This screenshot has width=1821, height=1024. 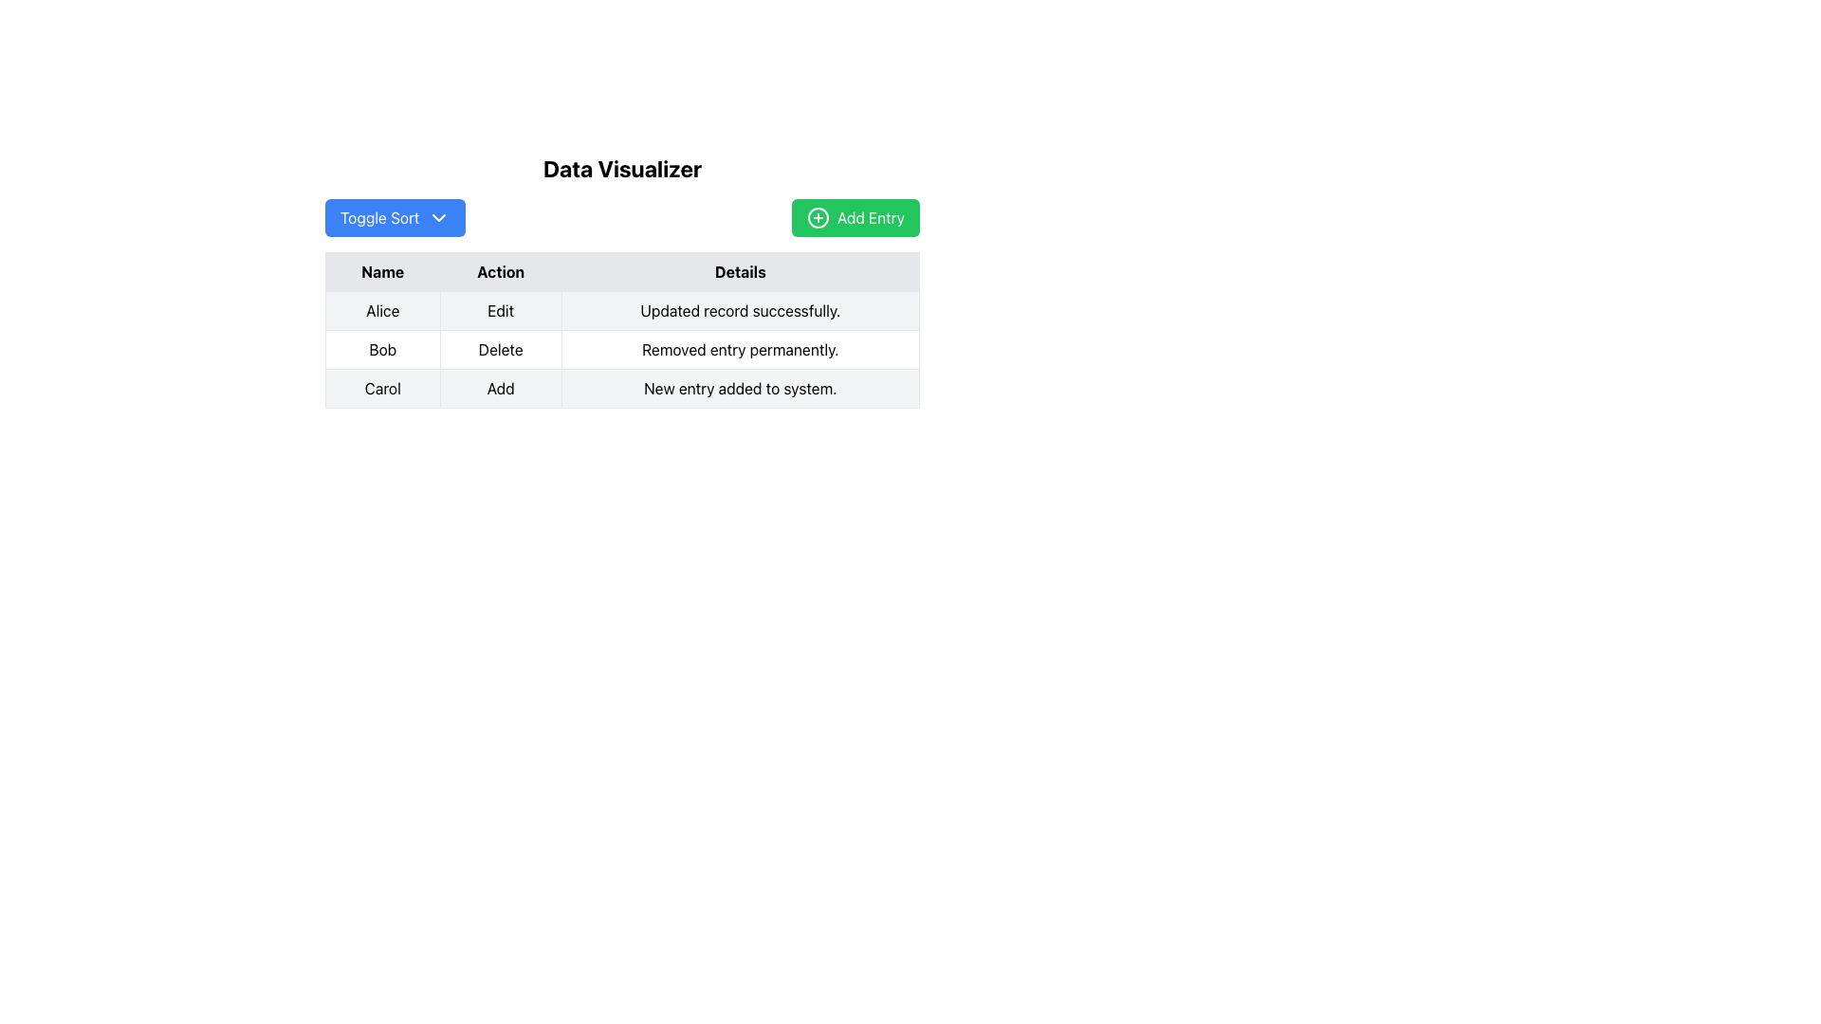 I want to click on the Text element that displays the action associated with 'Bob' in the second row of the table, located in the 'Action' column, so click(x=501, y=350).